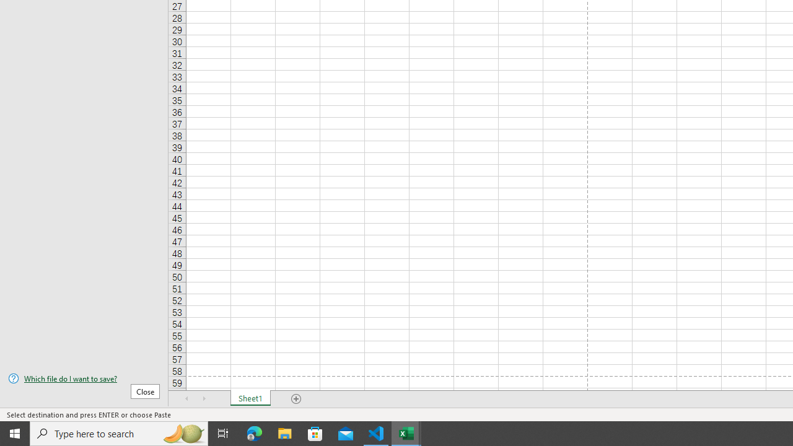  What do you see at coordinates (119, 432) in the screenshot?
I see `'Type here to search'` at bounding box center [119, 432].